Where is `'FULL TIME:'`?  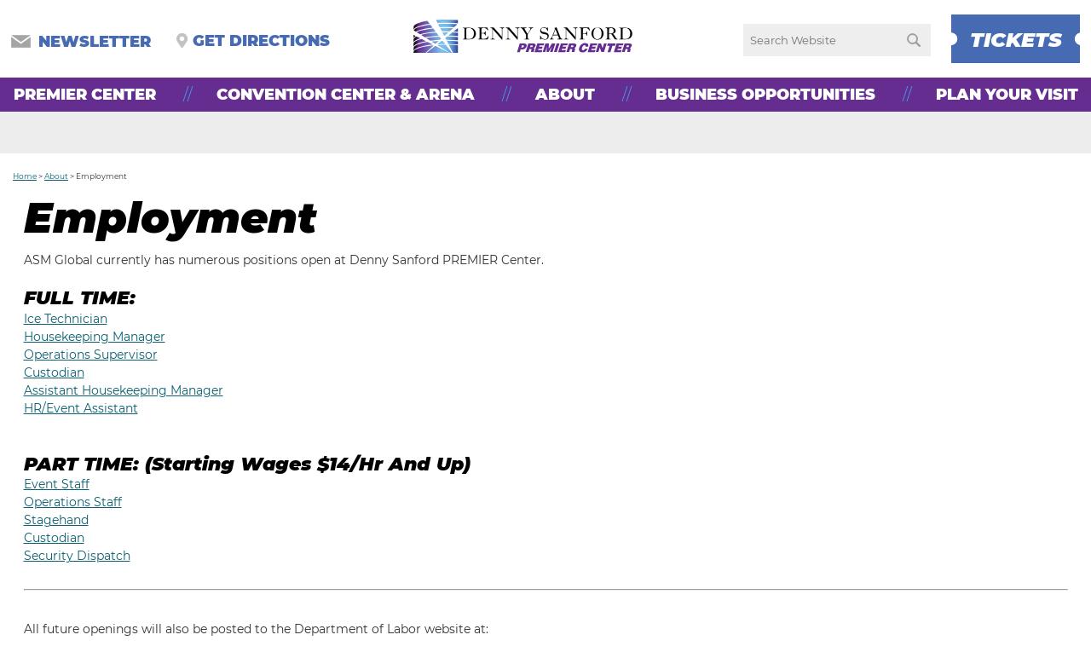
'FULL TIME:' is located at coordinates (78, 297).